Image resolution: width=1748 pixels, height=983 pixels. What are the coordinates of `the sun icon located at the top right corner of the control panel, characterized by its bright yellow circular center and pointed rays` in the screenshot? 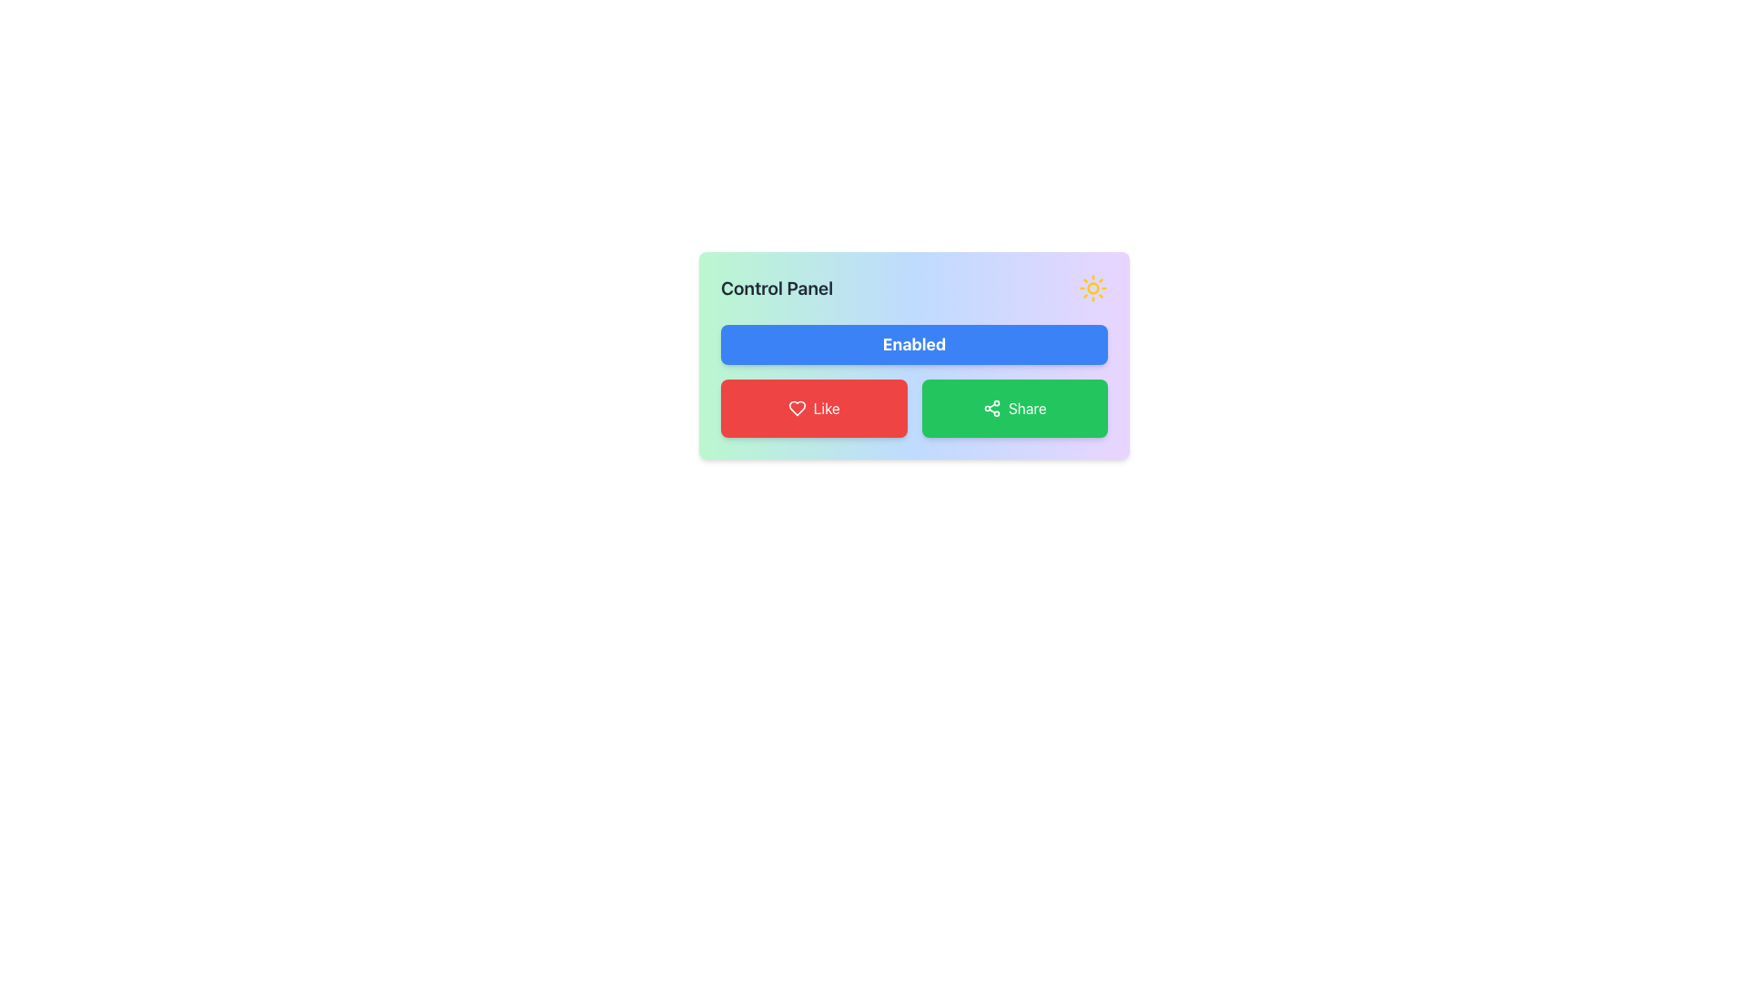 It's located at (1092, 287).